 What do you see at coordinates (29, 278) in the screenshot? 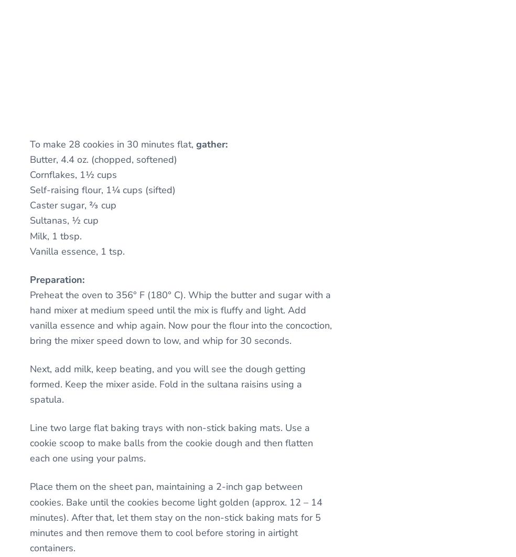
I see `'Preparation:'` at bounding box center [29, 278].